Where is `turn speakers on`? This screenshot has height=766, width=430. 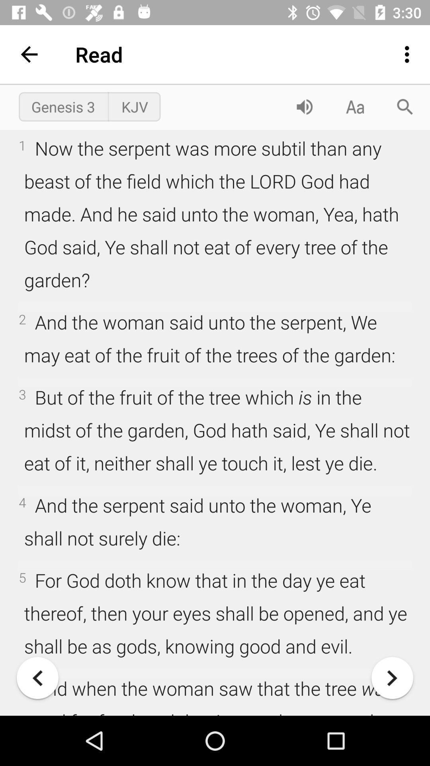 turn speakers on is located at coordinates (304, 106).